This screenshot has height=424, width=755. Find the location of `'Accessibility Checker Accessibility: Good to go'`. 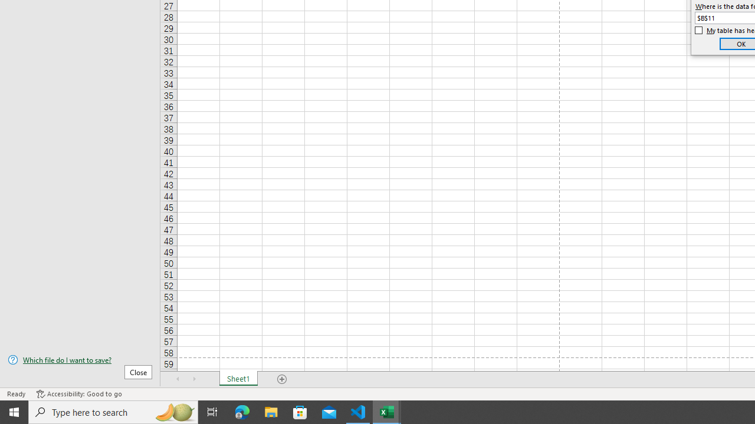

'Accessibility Checker Accessibility: Good to go' is located at coordinates (78, 394).